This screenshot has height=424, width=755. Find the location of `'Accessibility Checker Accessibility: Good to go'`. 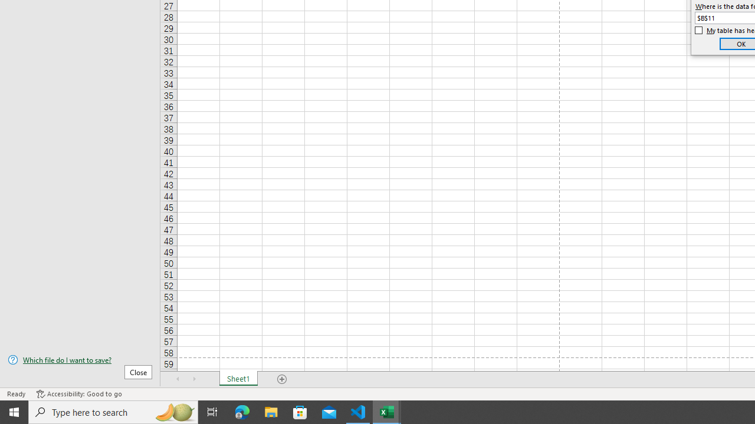

'Accessibility Checker Accessibility: Good to go' is located at coordinates (78, 394).